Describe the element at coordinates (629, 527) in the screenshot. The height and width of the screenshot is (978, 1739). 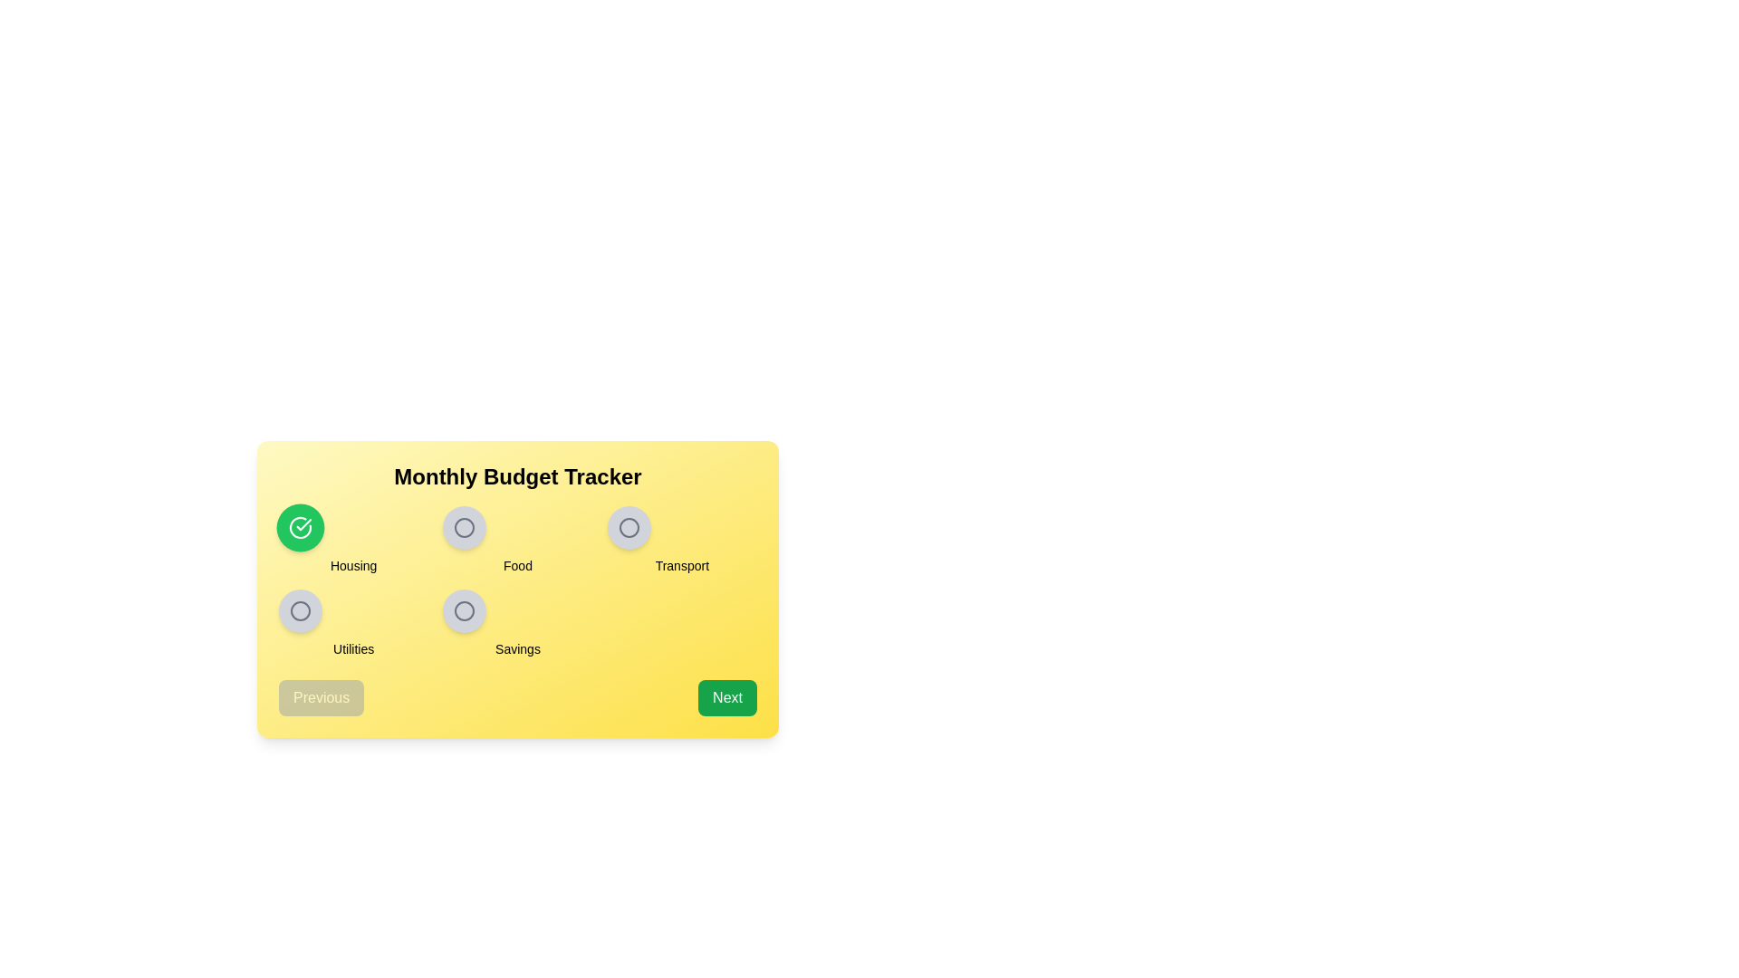
I see `the circular icon indicating the 'Transport' option within the radio button interface in the 'Monthly Budget Tracker' dialog` at that location.